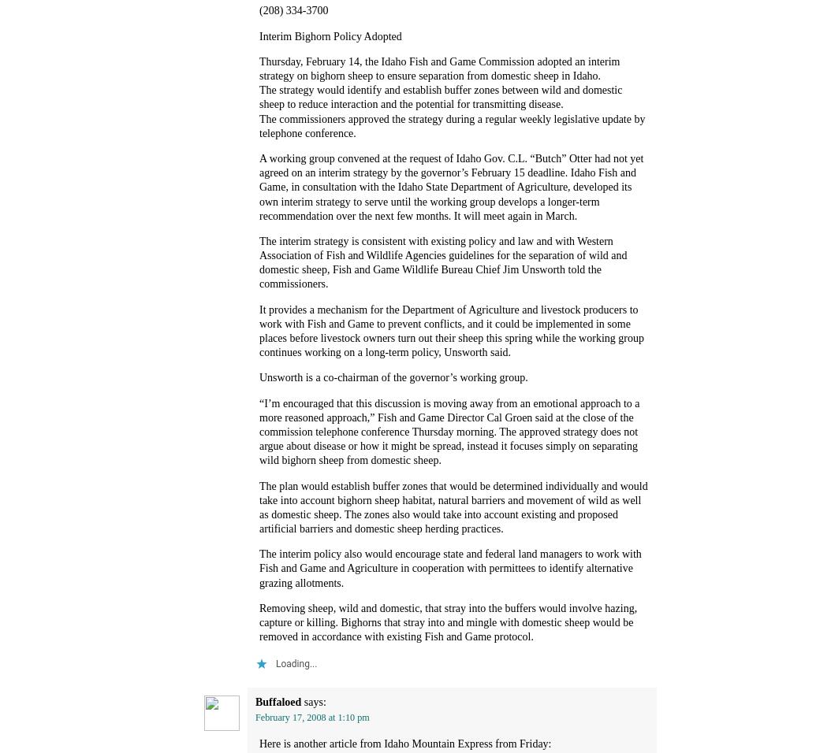  Describe the element at coordinates (392, 376) in the screenshot. I see `'Unsworth is a co-chairman of the governor’s working group.'` at that location.